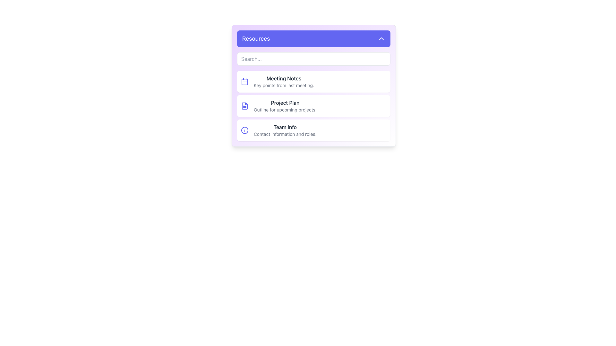 This screenshot has height=346, width=616. I want to click on the upward-pointing chevron icon located at the top-right corner of the purple header bar labeled 'Resources', so click(381, 38).